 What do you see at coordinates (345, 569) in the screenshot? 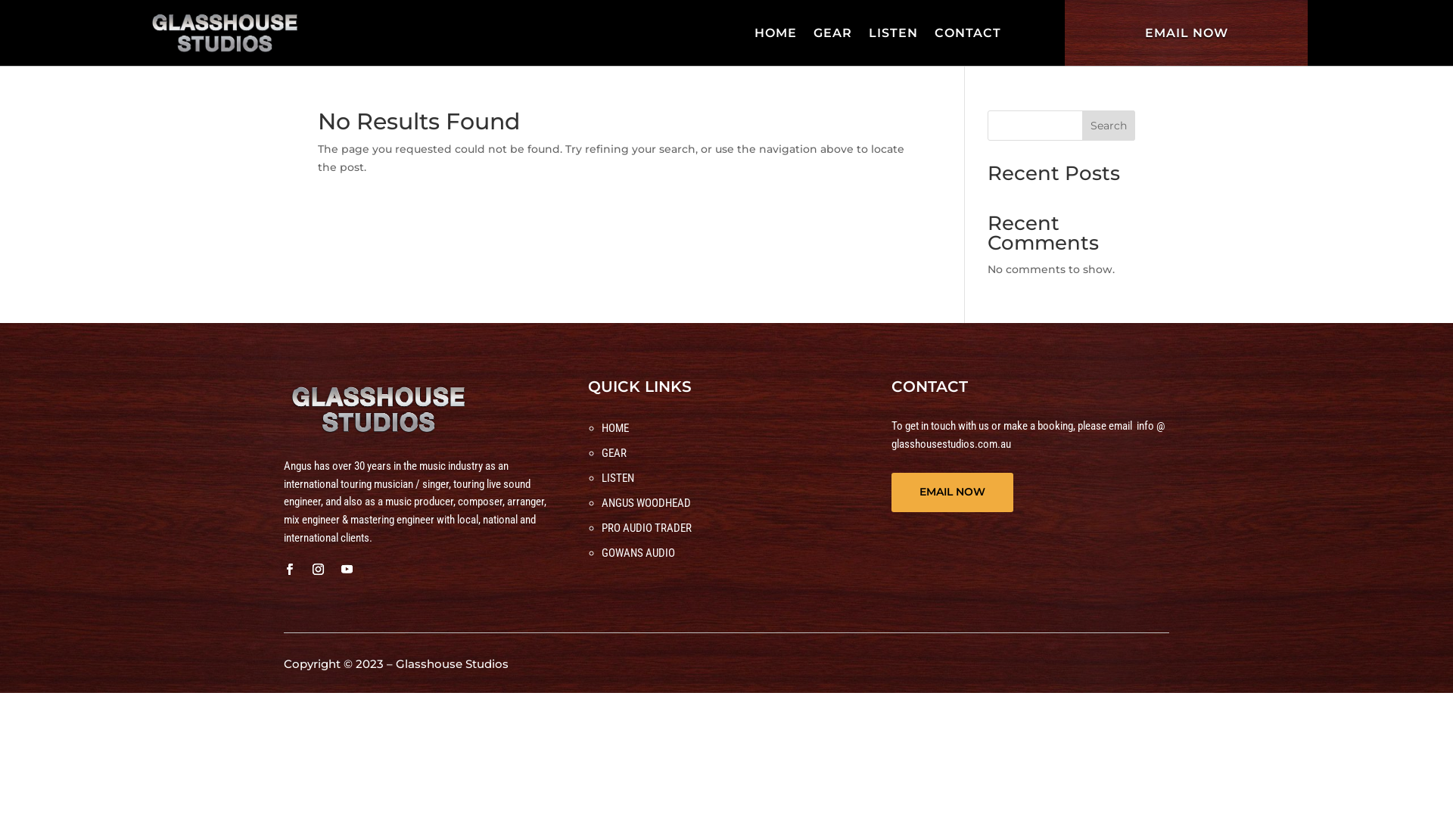
I see `'Follow on Youtube'` at bounding box center [345, 569].